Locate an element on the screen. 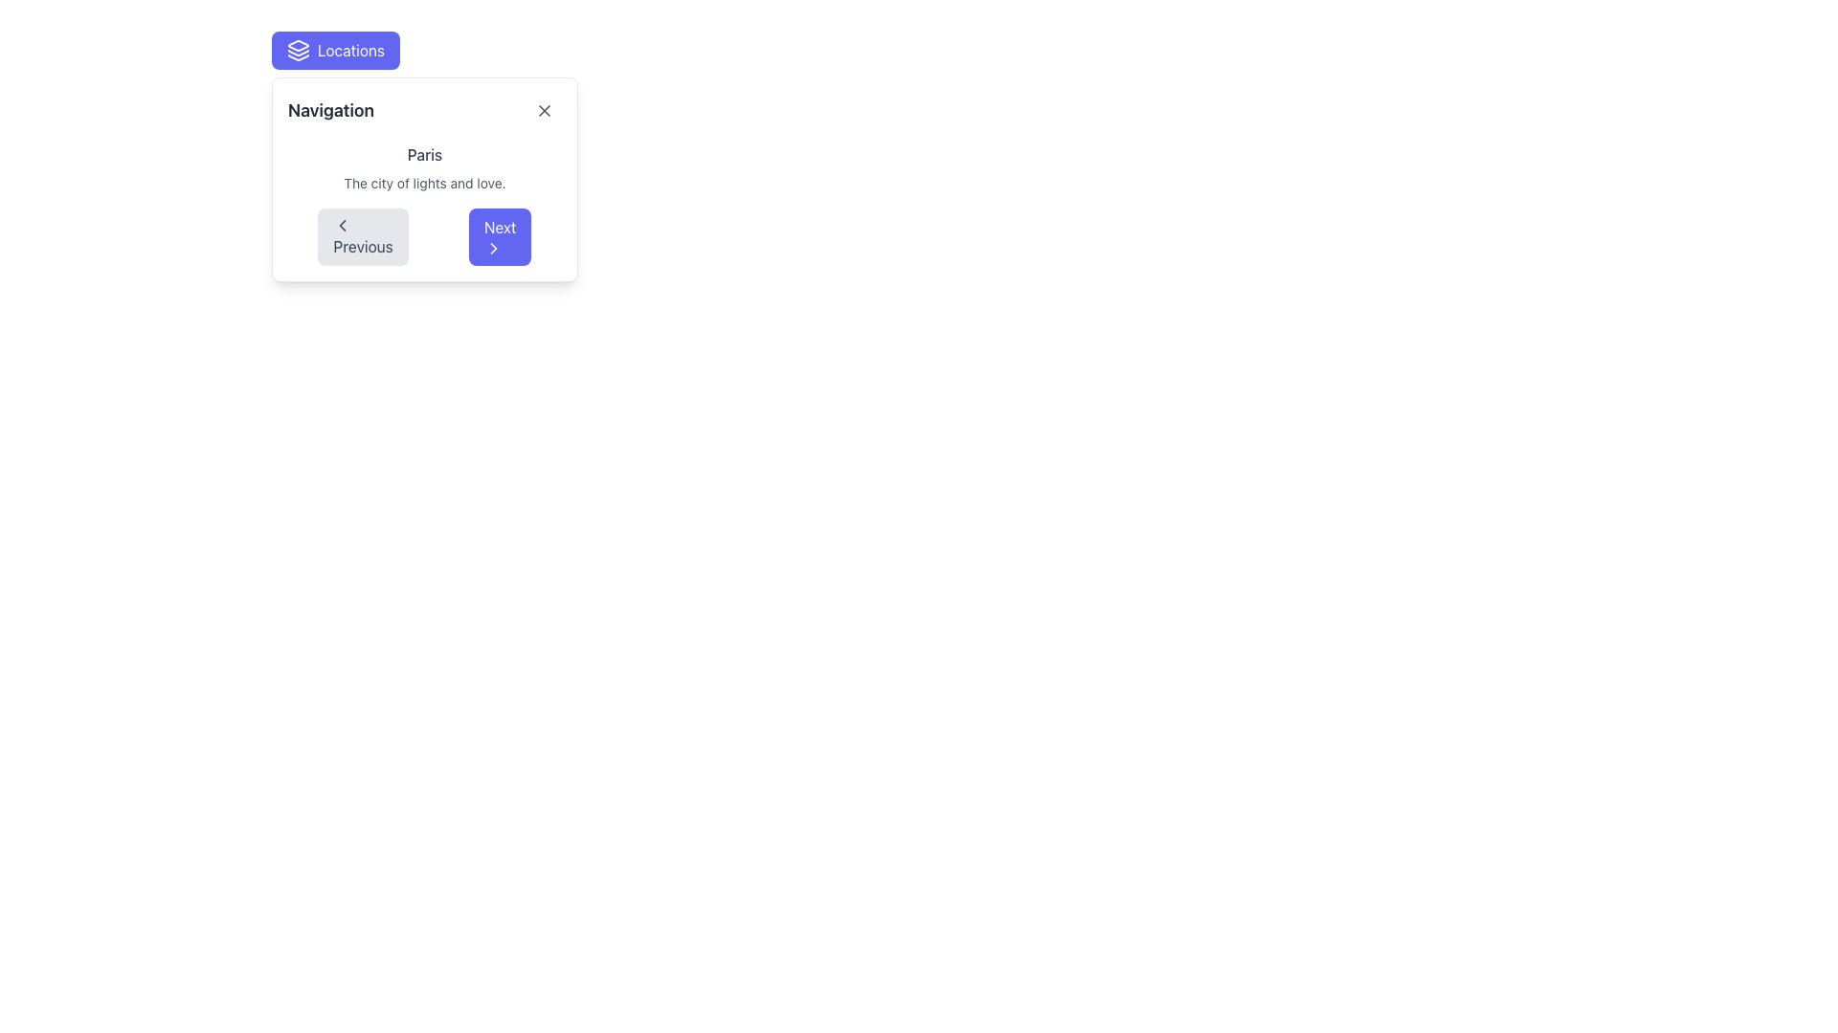 The height and width of the screenshot is (1033, 1838). the layer icon, which is the second of three stacked shapes in the SVG, located near the top-left corner above the Navigation card and below the 'Locations' label is located at coordinates (298, 52).